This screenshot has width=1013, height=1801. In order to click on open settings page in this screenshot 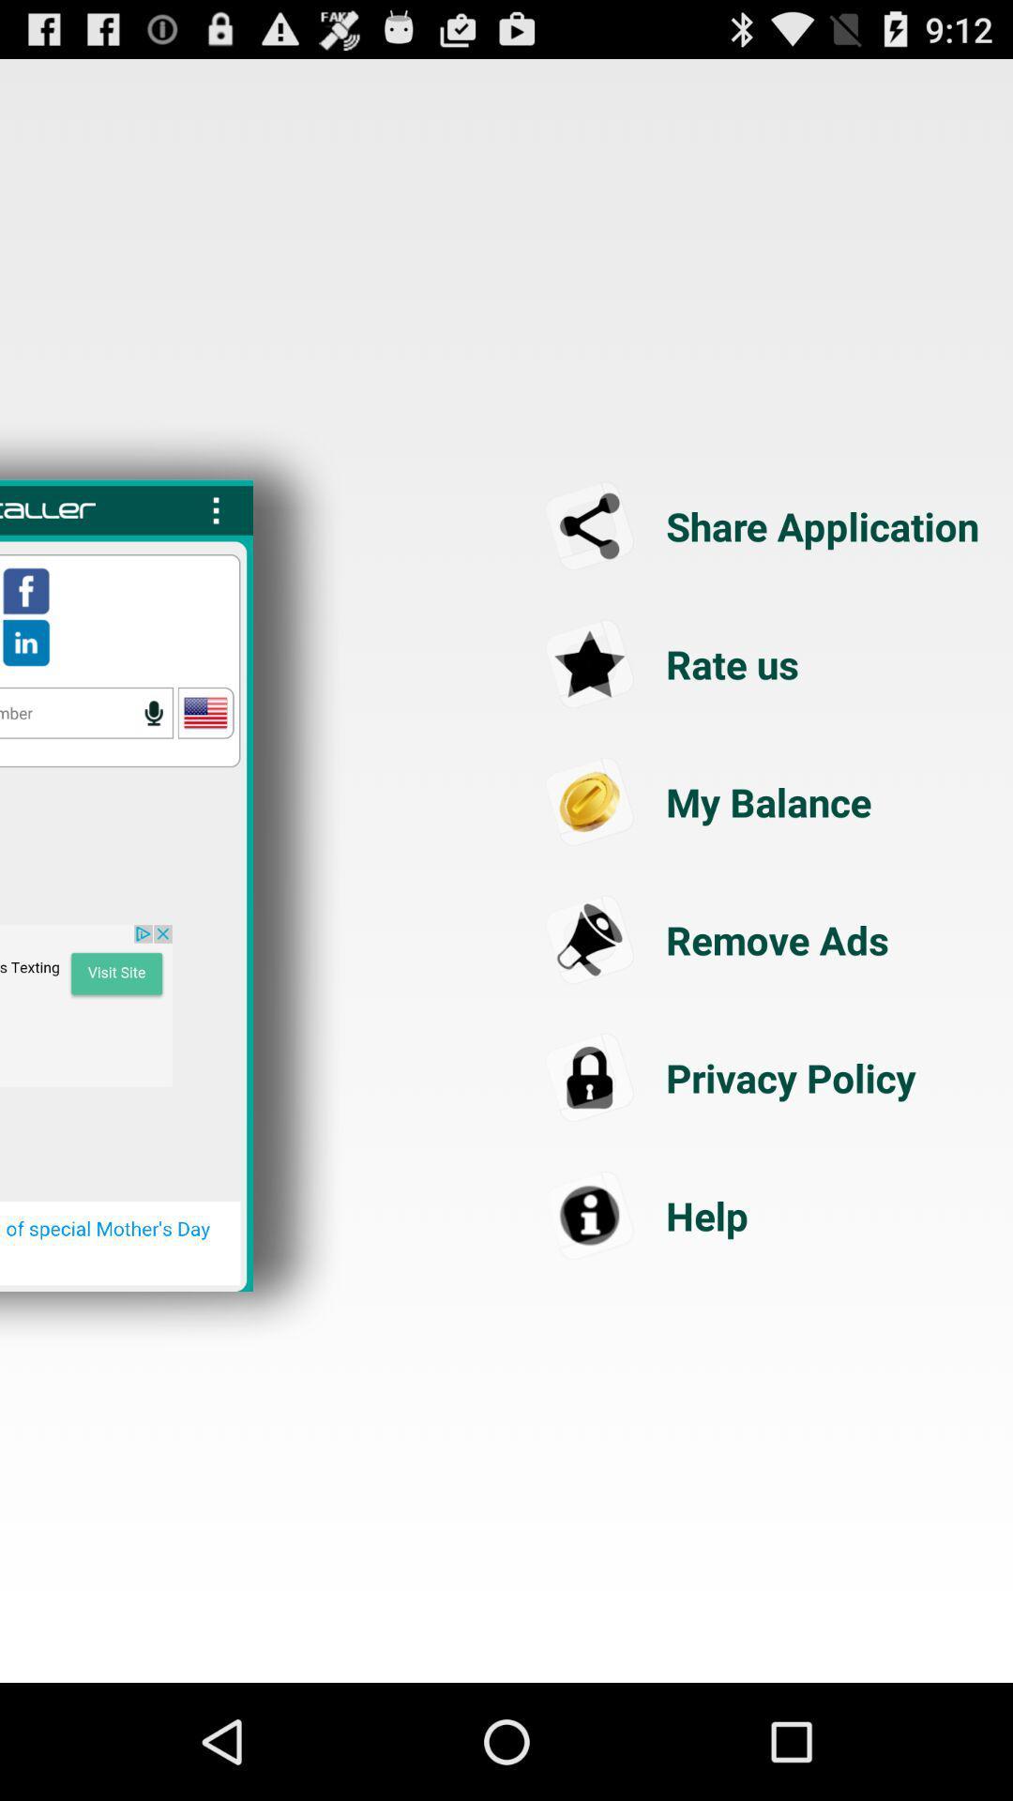, I will do `click(216, 510)`.